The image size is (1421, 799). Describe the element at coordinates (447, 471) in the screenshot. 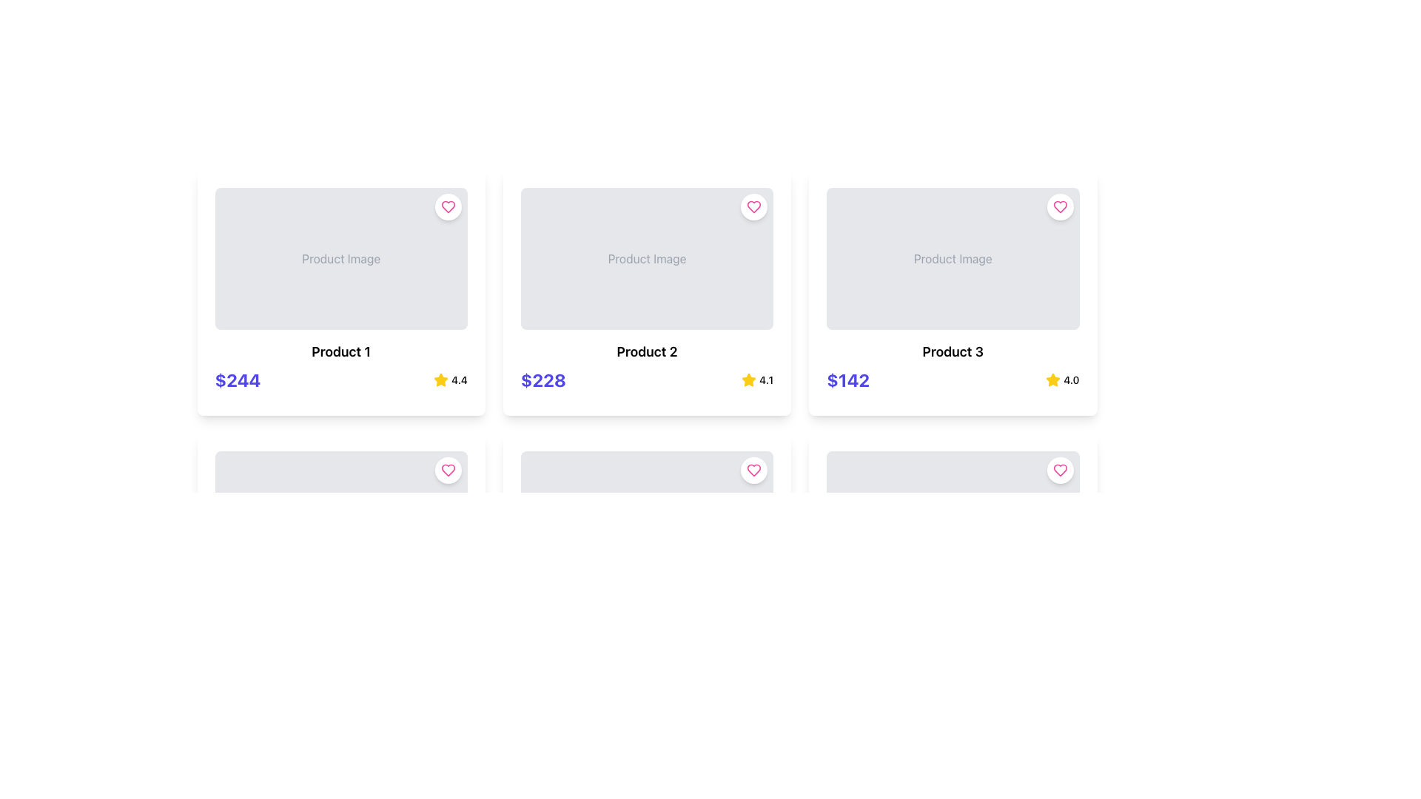

I see `the 'like' button located at the top-right corner of the product card` at that location.